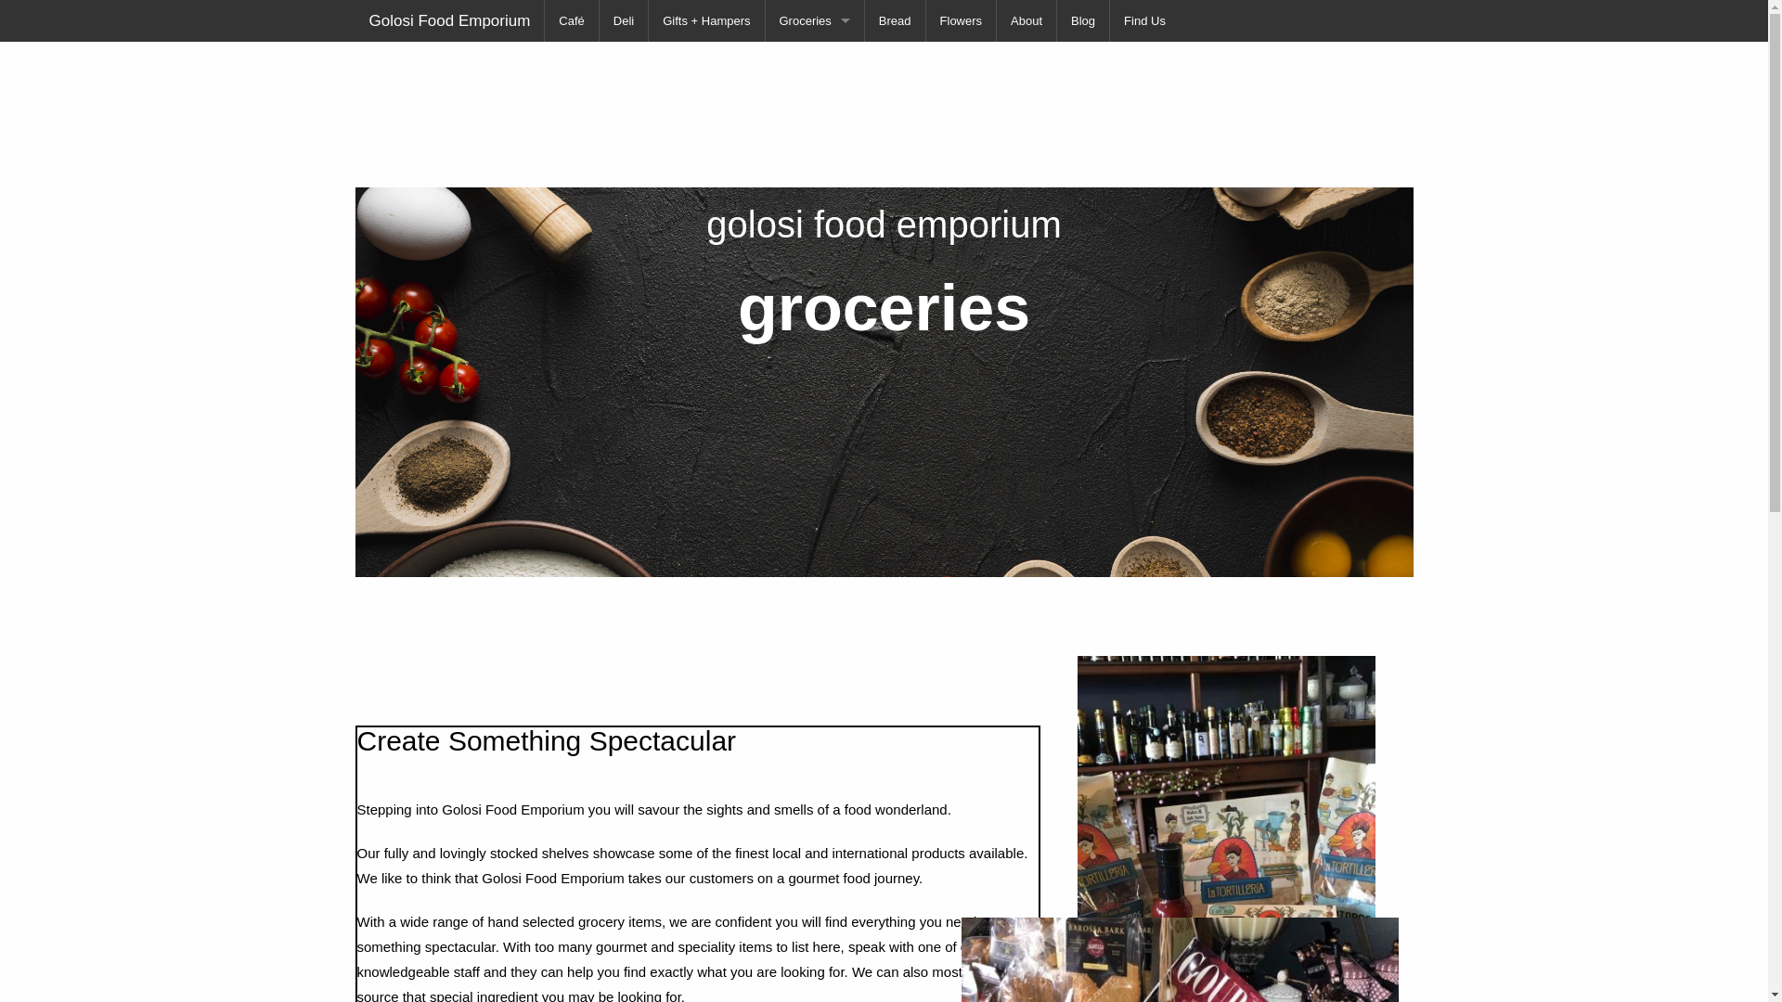 The image size is (1782, 1002). I want to click on 'Find Us', so click(1109, 20).